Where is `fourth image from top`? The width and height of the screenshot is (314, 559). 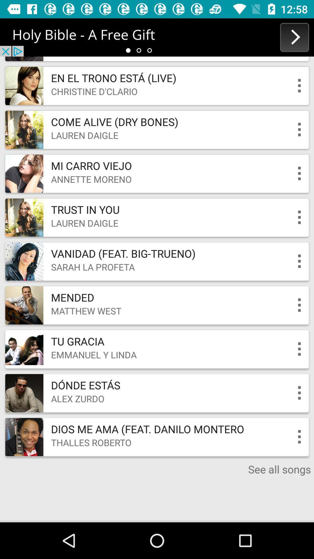 fourth image from top is located at coordinates (24, 217).